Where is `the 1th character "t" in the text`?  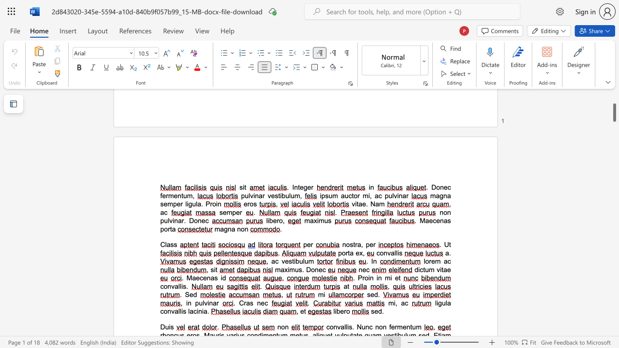 the 1th character "t" in the text is located at coordinates (171, 229).